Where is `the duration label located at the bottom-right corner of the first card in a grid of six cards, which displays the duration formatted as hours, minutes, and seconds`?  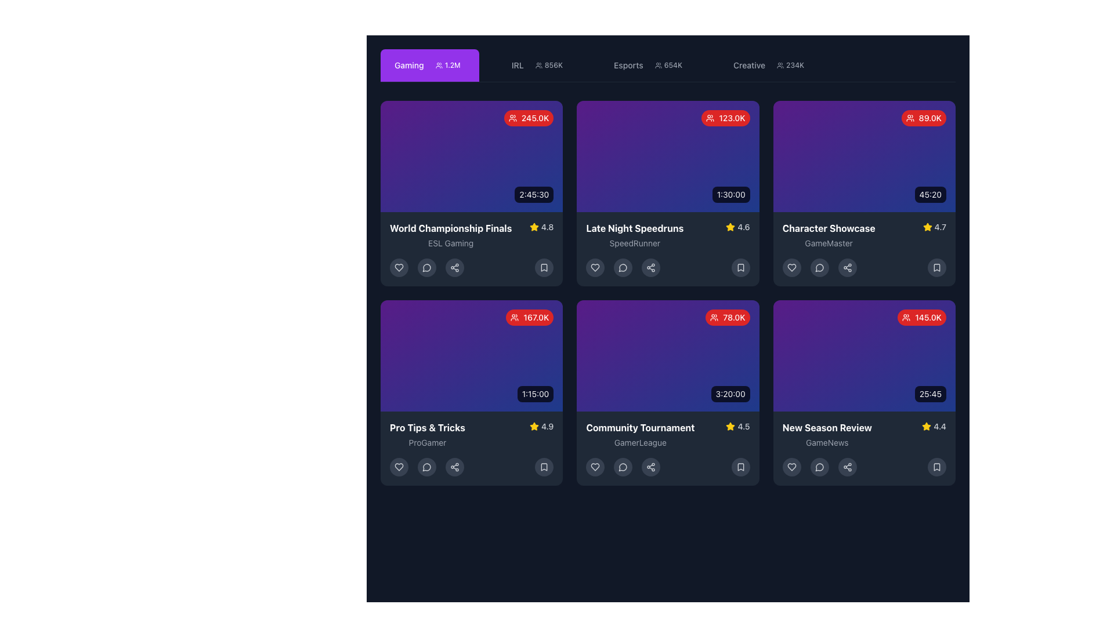
the duration label located at the bottom-right corner of the first card in a grid of six cards, which displays the duration formatted as hours, minutes, and seconds is located at coordinates (533, 194).